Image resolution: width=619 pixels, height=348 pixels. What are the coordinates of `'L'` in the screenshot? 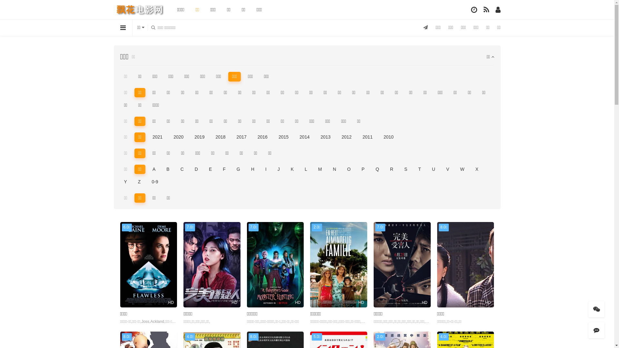 It's located at (306, 169).